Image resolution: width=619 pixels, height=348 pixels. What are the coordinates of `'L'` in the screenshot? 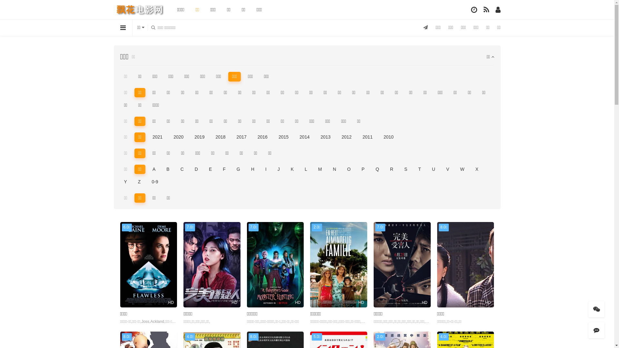 It's located at (306, 169).